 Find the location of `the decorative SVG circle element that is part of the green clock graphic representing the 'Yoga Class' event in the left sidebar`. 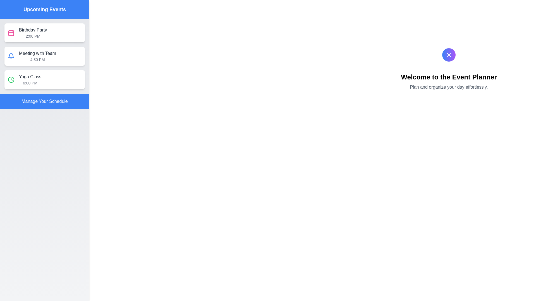

the decorative SVG circle element that is part of the green clock graphic representing the 'Yoga Class' event in the left sidebar is located at coordinates (11, 79).